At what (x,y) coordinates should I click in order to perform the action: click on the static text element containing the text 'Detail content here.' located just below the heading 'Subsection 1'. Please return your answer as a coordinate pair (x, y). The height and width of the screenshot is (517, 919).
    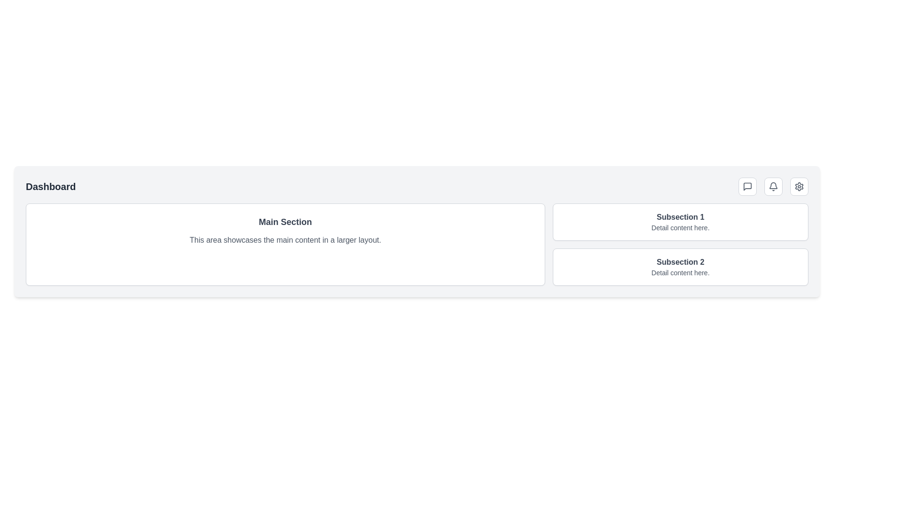
    Looking at the image, I should click on (680, 227).